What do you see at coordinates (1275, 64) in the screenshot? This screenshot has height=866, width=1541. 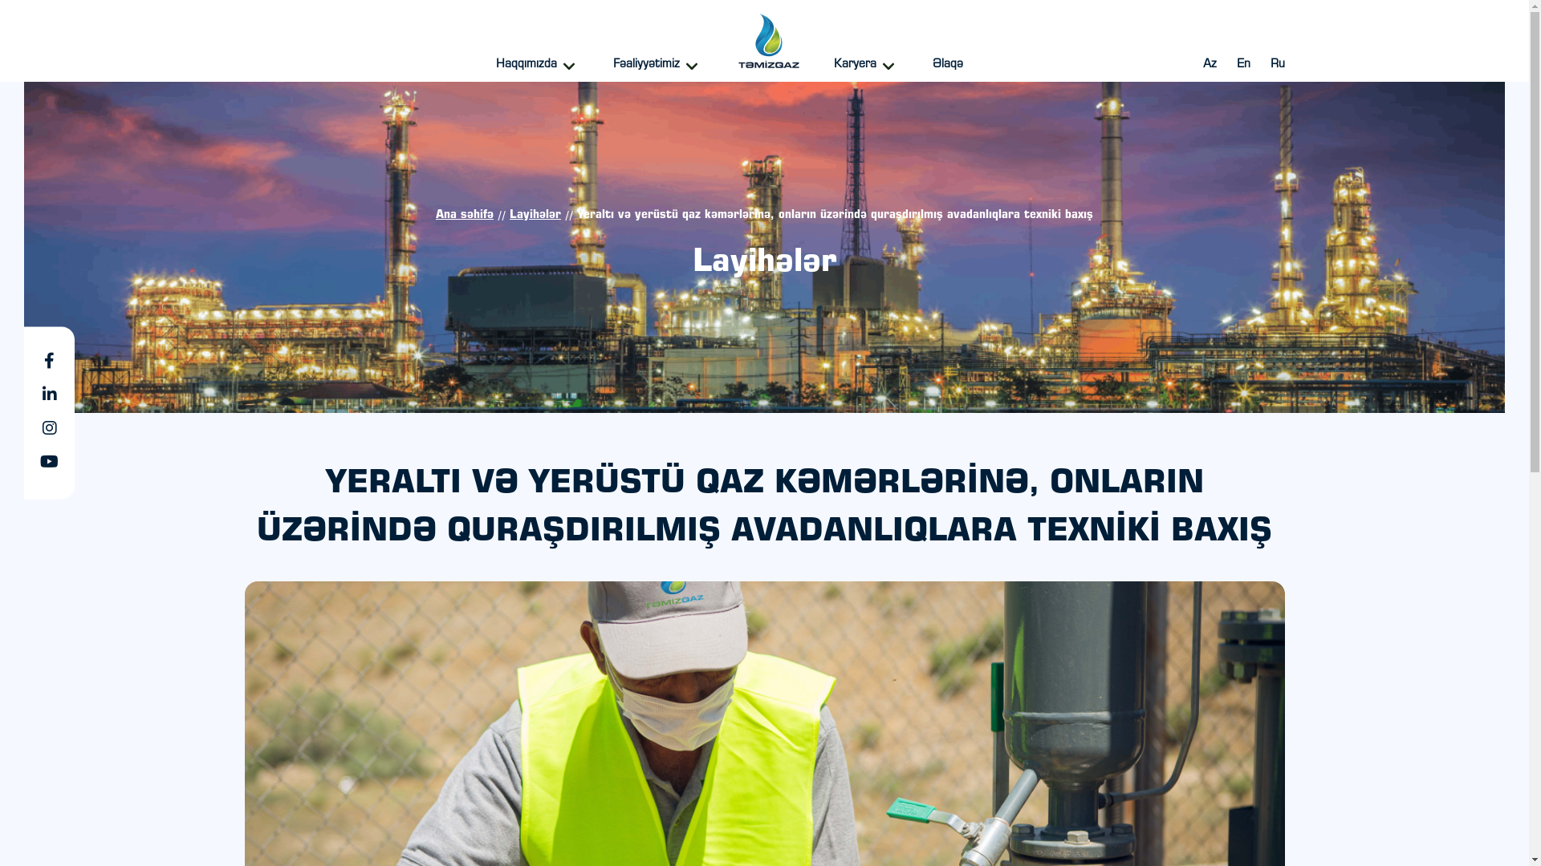 I see `'Ru'` at bounding box center [1275, 64].